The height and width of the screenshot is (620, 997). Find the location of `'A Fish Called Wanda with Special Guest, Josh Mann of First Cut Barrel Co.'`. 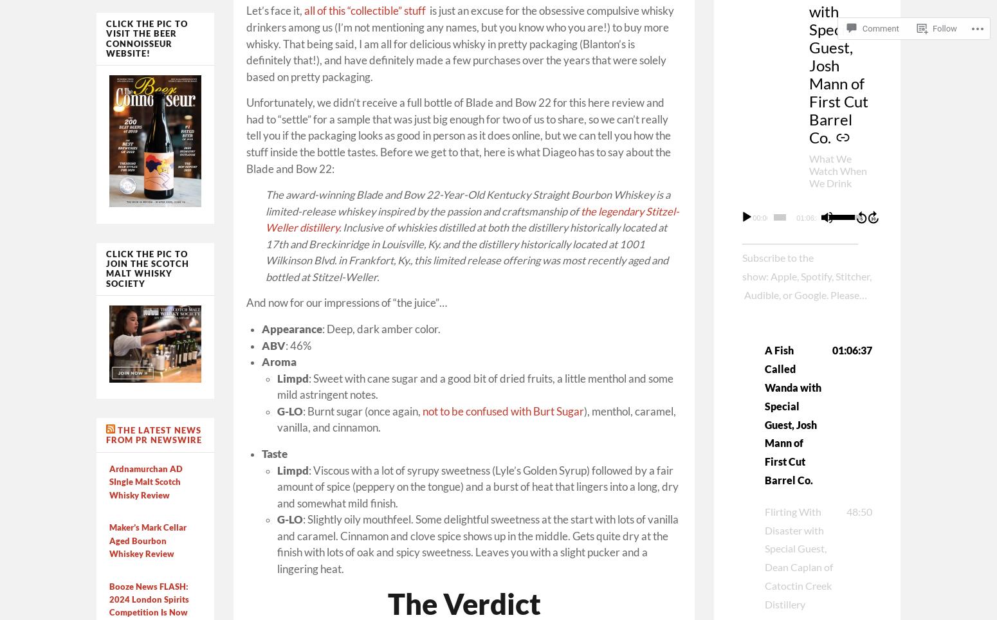

'A Fish Called Wanda with Special Guest, Josh Mann of First Cut Barrel Co.' is located at coordinates (764, 414).